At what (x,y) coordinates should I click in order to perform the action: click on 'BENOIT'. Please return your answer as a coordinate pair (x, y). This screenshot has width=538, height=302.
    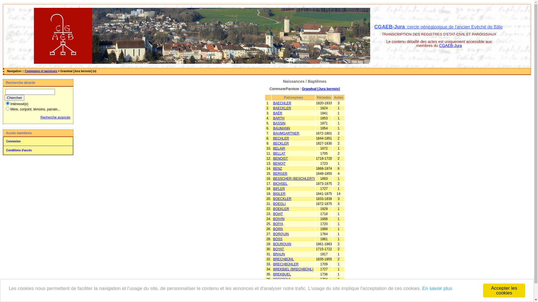
    Looking at the image, I should click on (279, 164).